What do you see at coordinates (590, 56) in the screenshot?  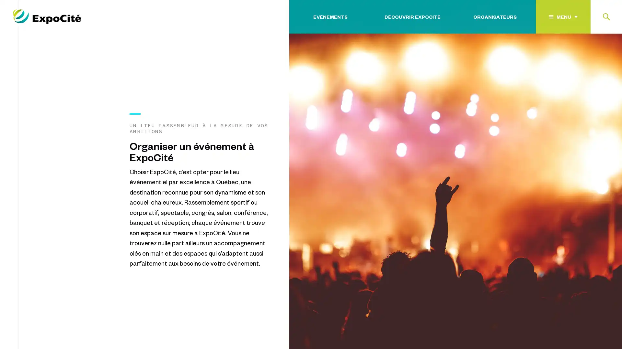 I see `TROUVER` at bounding box center [590, 56].